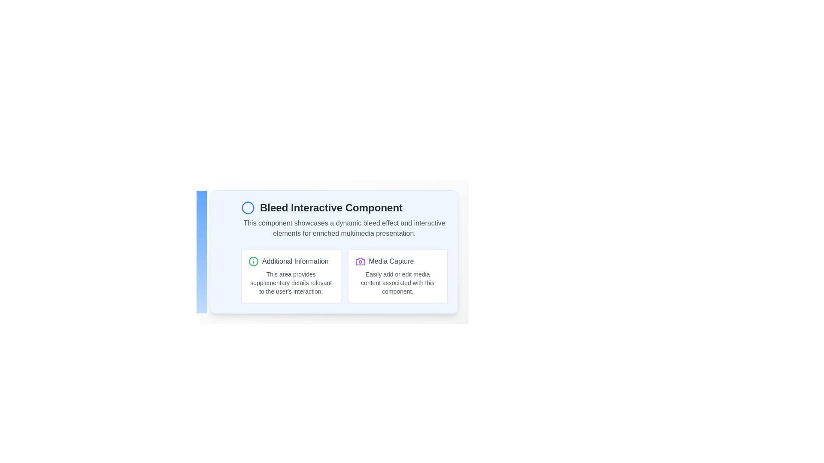  What do you see at coordinates (397, 261) in the screenshot?
I see `the displayed information on the 'Media Capture' label with a purple camera icon, located under the header 'Bleed Interactive Component'` at bounding box center [397, 261].